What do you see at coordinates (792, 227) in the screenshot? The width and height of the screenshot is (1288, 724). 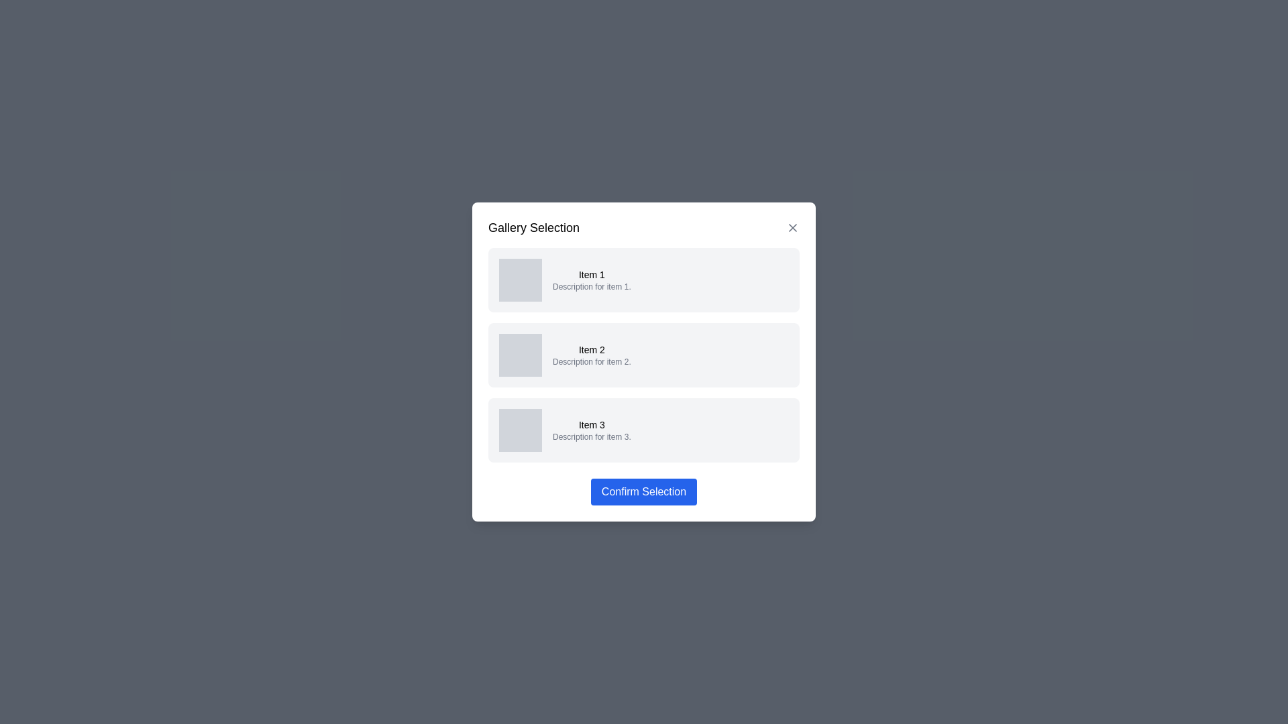 I see `the small interactive close button located in the top-right corner of the 'Gallery Selection' modal` at bounding box center [792, 227].